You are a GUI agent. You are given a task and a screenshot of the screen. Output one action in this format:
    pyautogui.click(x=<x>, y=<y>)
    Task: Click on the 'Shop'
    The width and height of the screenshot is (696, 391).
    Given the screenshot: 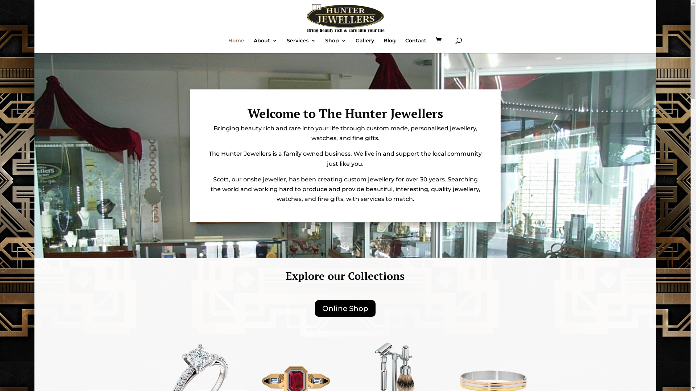 What is the action you would take?
    pyautogui.click(x=335, y=46)
    